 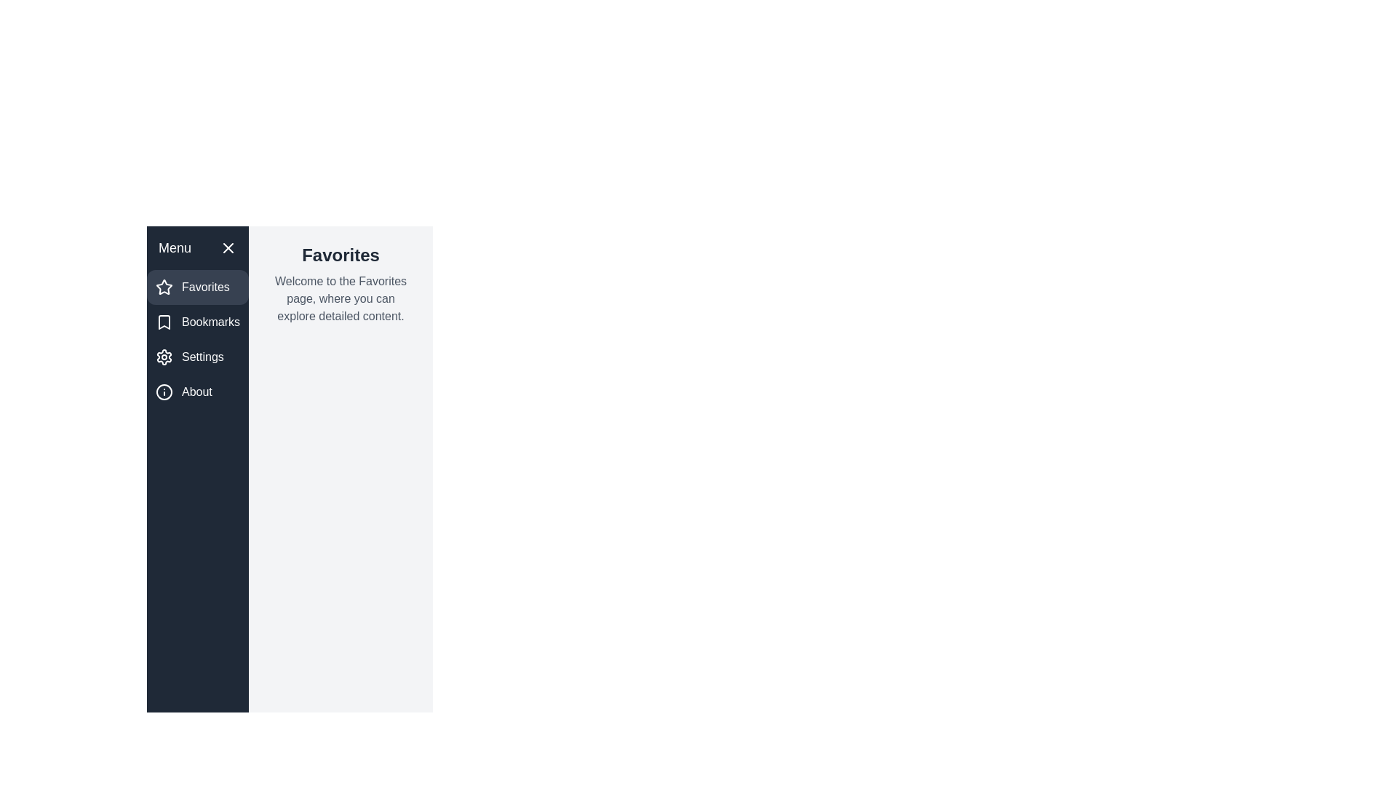 What do you see at coordinates (164, 357) in the screenshot?
I see `the gear icon representing the settings menu entry located in the sidebar menu next to the 'Settings' text` at bounding box center [164, 357].